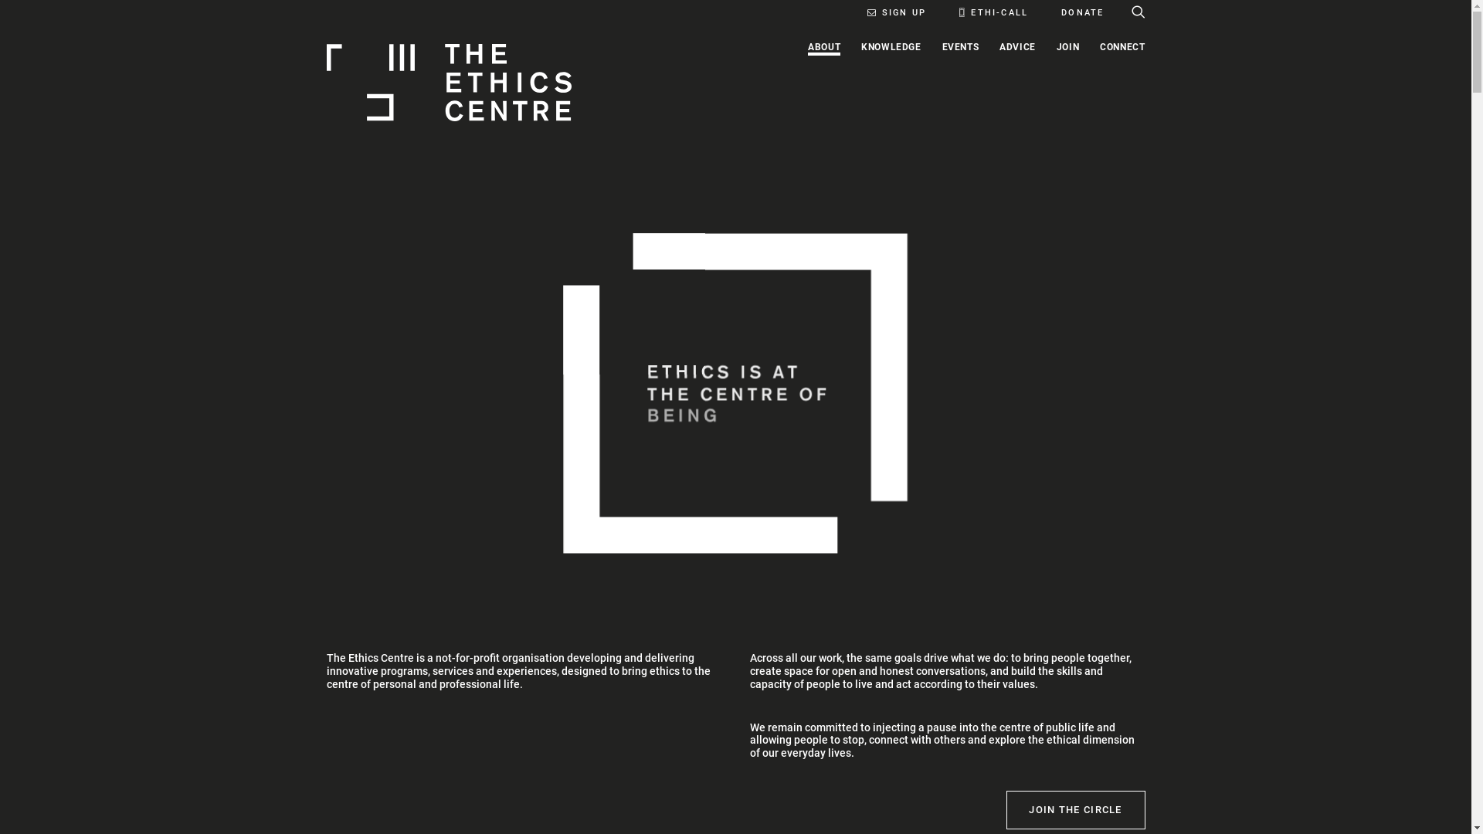 The image size is (1483, 834). I want to click on 'ABOUT', so click(823, 83).